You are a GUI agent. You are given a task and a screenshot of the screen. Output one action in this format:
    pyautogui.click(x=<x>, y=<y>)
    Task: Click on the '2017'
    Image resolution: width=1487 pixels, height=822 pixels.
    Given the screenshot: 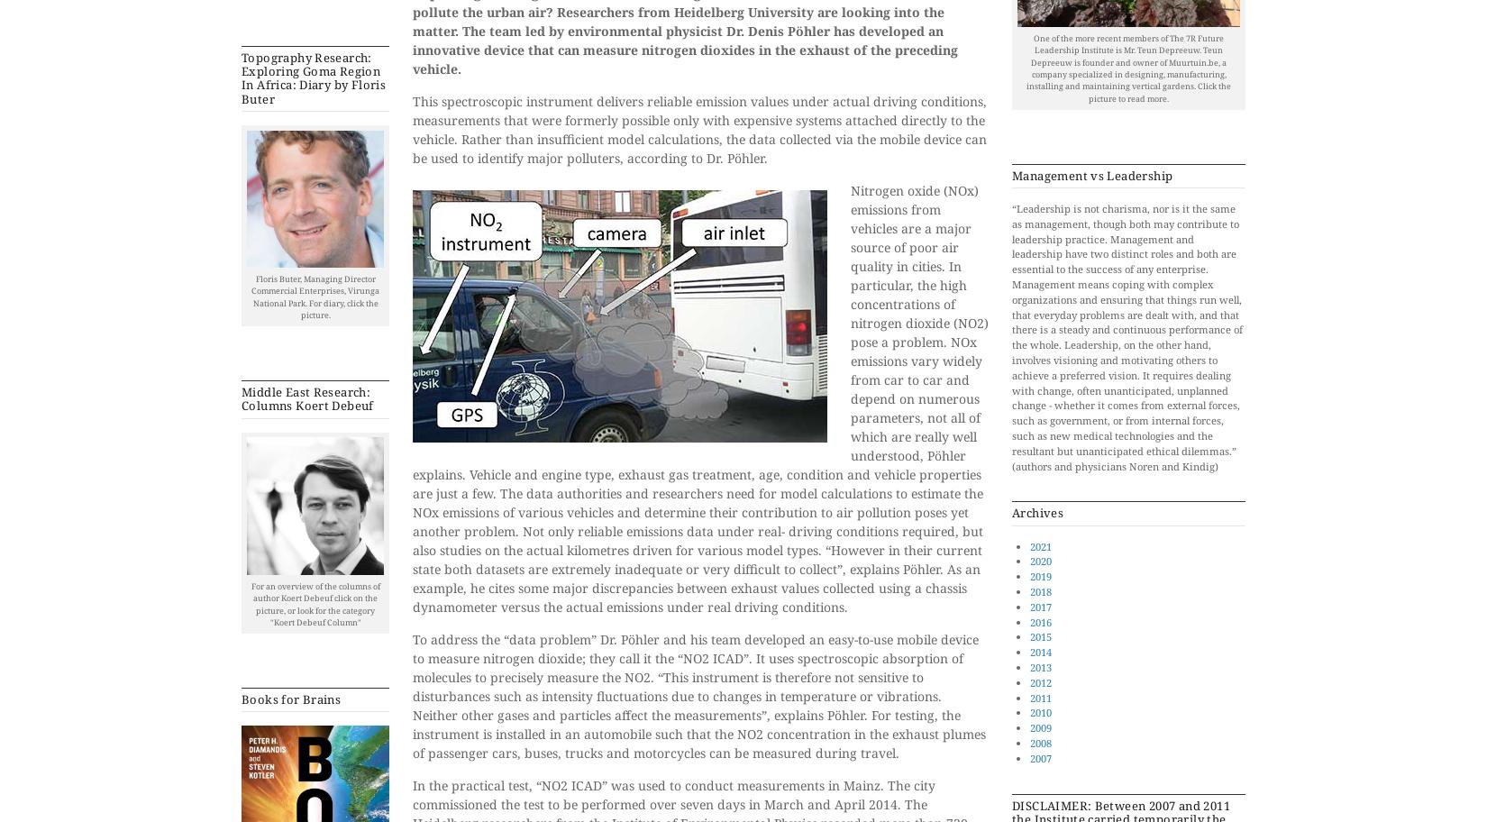 What is the action you would take?
    pyautogui.click(x=1040, y=605)
    